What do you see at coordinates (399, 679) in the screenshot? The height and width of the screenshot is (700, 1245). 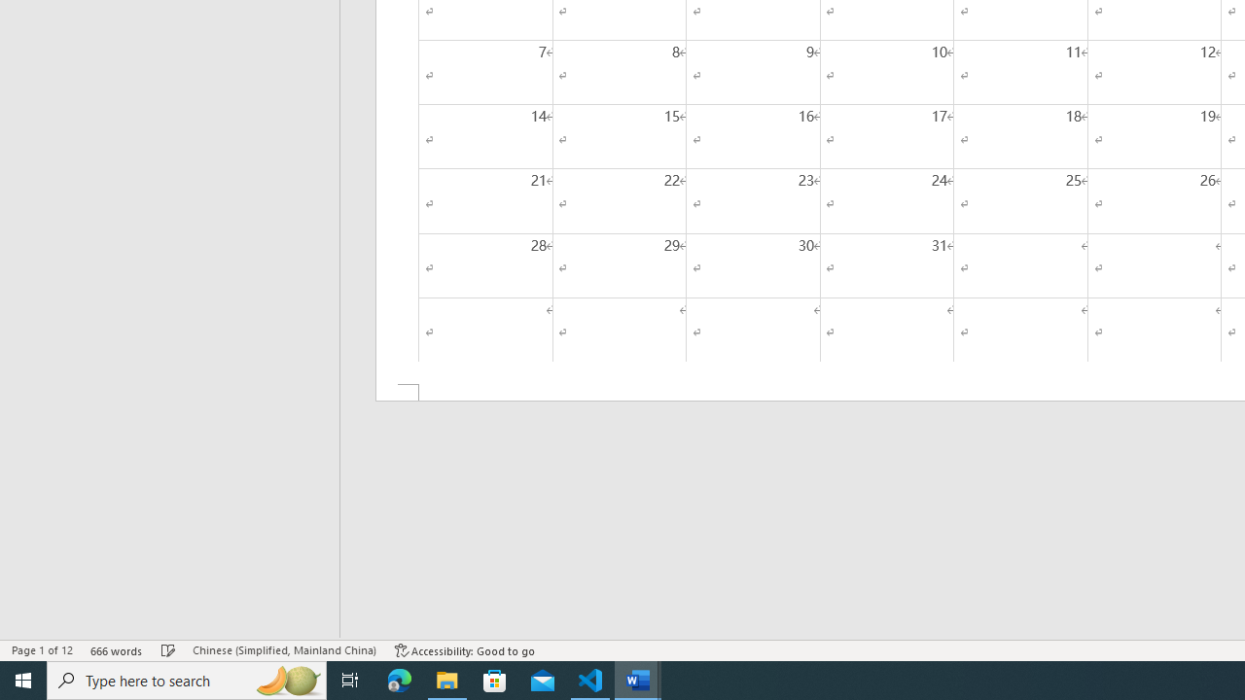 I see `'Microsoft Edge'` at bounding box center [399, 679].